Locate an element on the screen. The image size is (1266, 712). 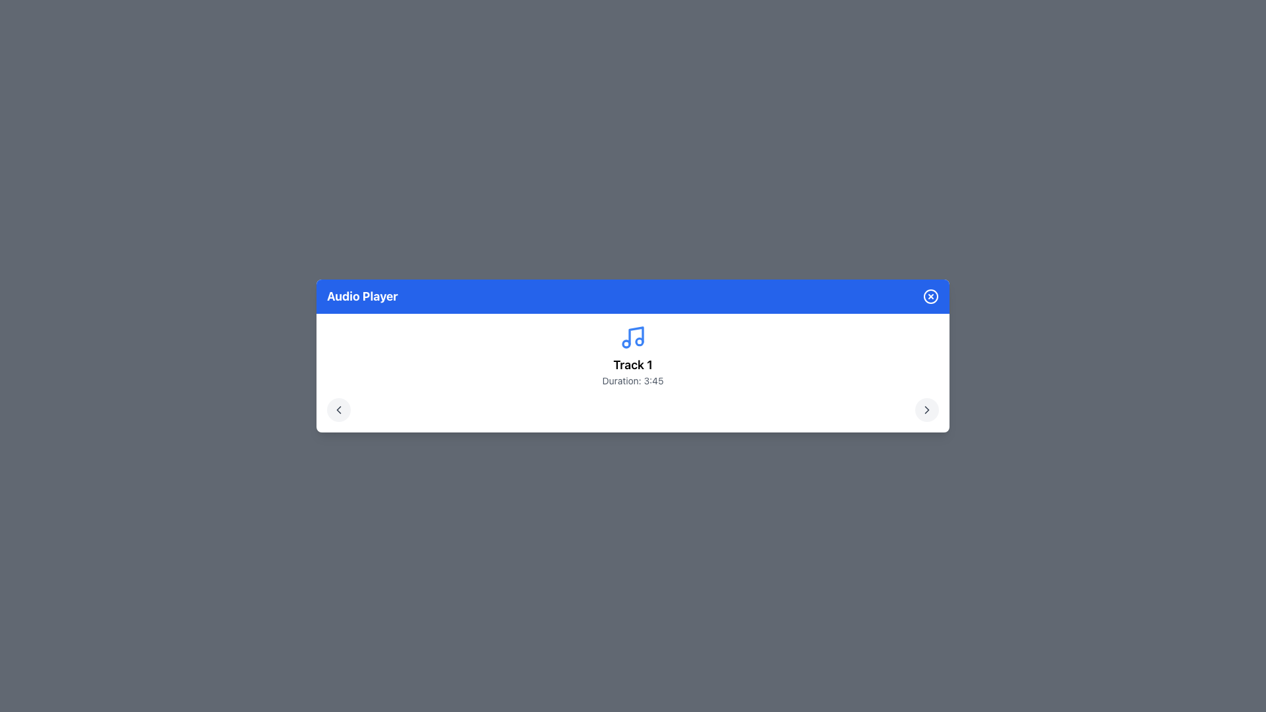
the small circular icon element located inside the larger music icon, positioned on the upper-right area and partially overlapping the note body is located at coordinates (639, 340).